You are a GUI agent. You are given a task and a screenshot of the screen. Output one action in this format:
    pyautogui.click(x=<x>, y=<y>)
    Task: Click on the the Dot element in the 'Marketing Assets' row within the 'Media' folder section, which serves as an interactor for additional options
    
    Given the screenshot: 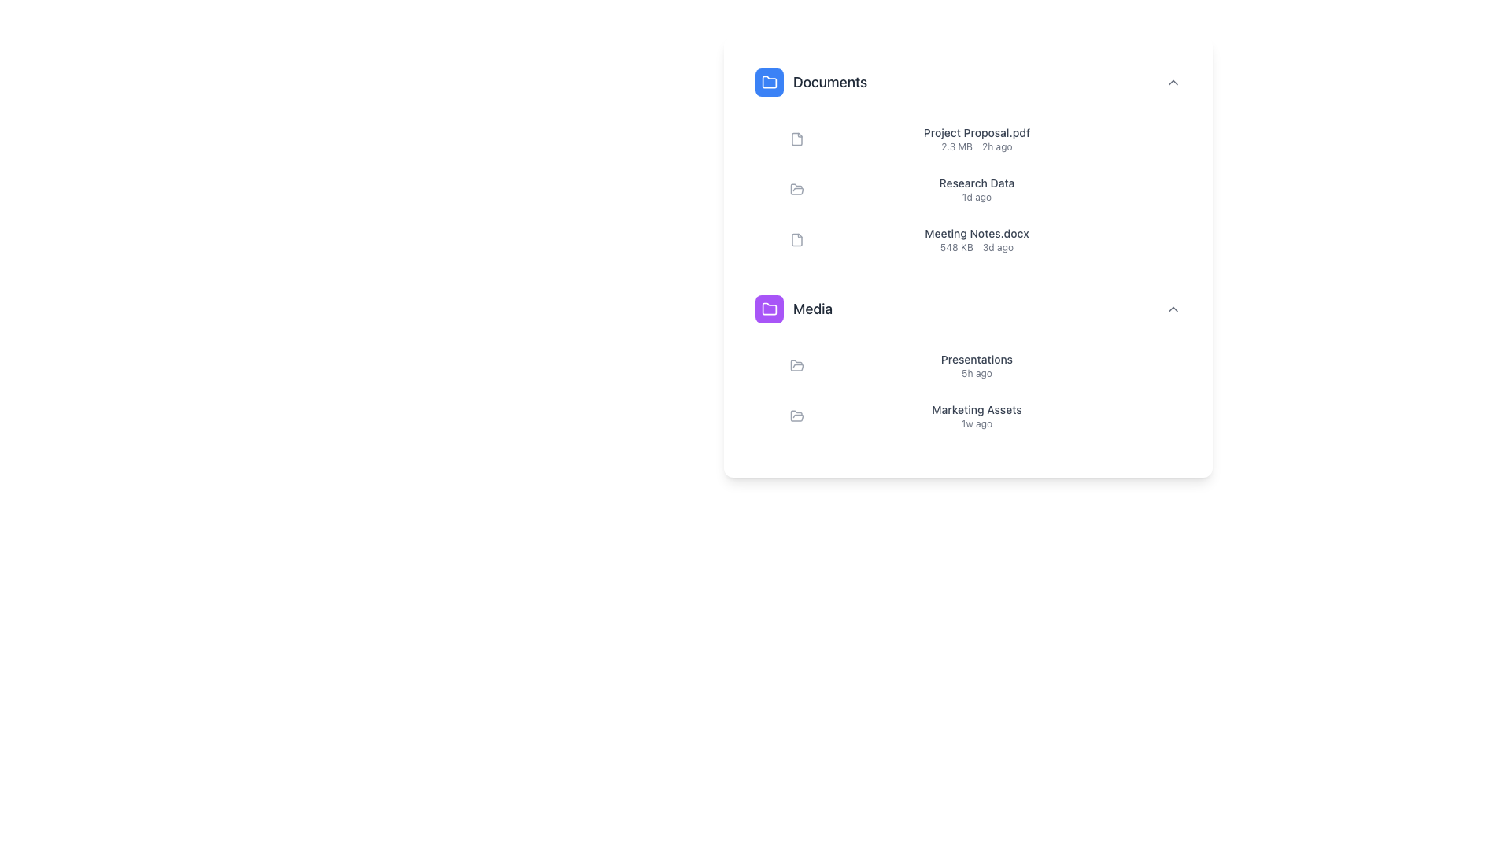 What is the action you would take?
    pyautogui.click(x=1162, y=415)
    